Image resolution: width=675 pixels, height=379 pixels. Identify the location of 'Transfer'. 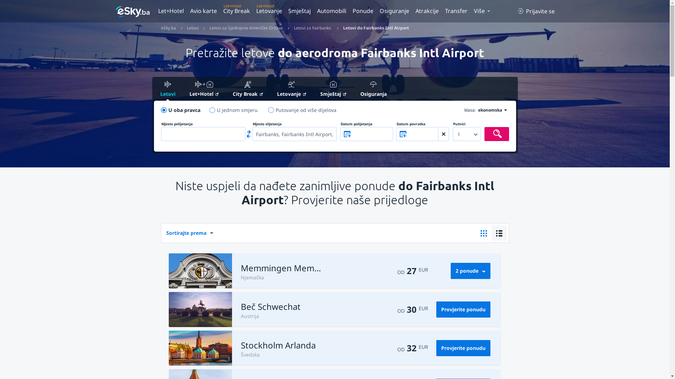
(456, 11).